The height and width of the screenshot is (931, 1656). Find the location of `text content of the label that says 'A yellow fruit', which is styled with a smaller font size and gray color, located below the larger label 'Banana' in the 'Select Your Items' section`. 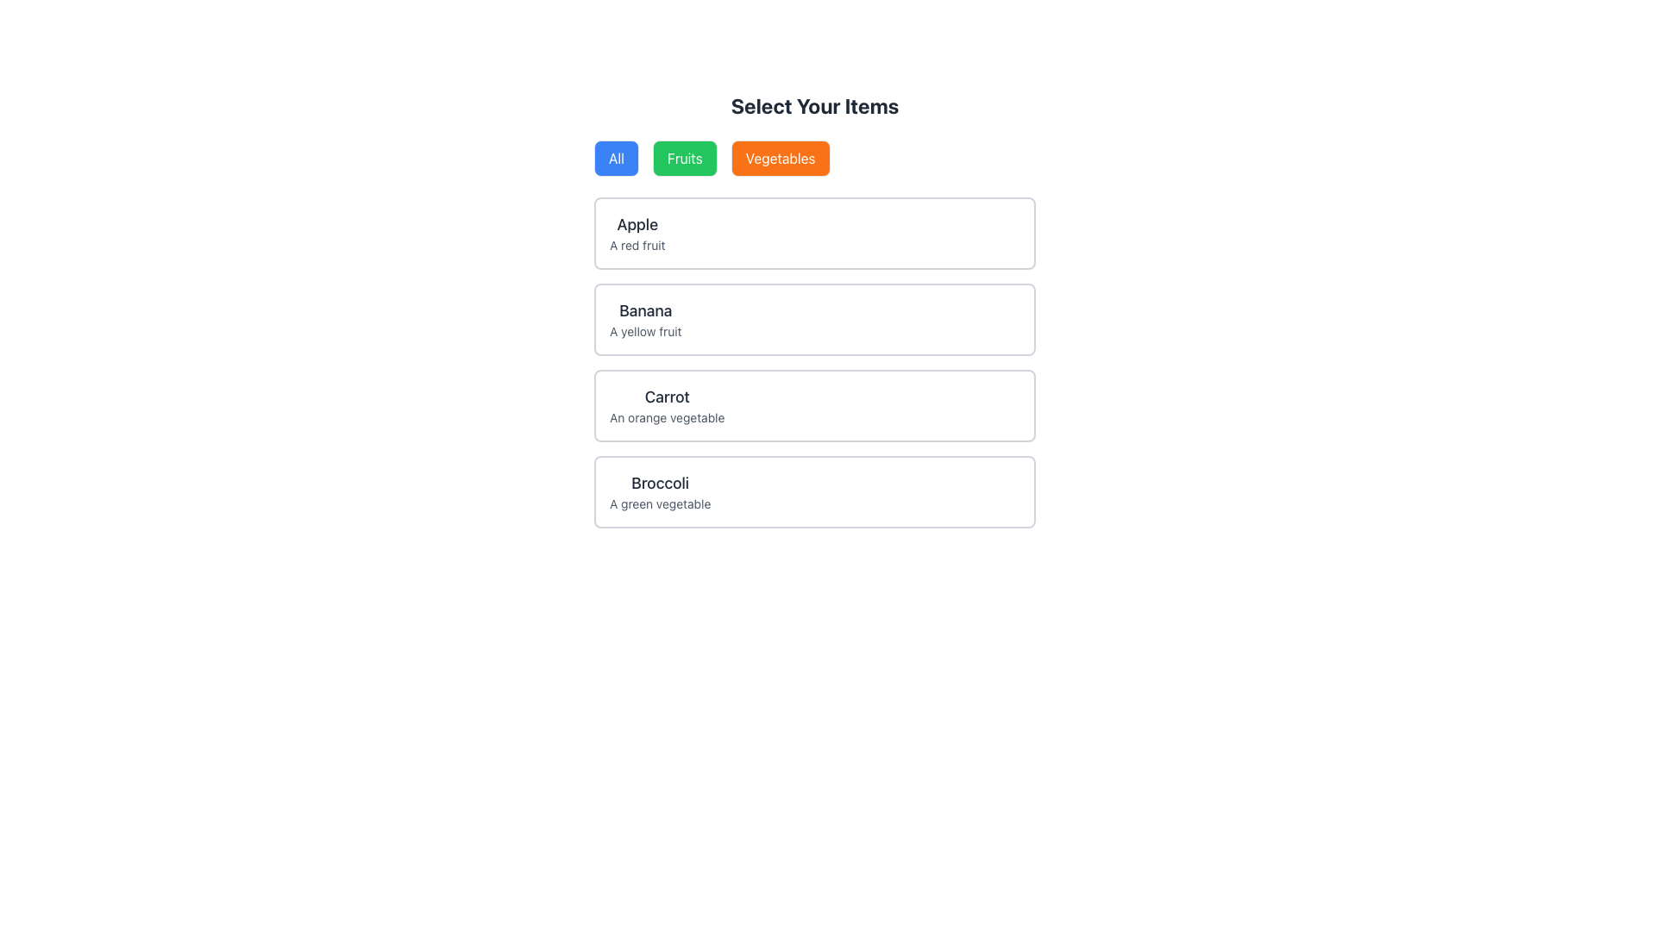

text content of the label that says 'A yellow fruit', which is styled with a smaller font size and gray color, located below the larger label 'Banana' in the 'Select Your Items' section is located at coordinates (644, 332).